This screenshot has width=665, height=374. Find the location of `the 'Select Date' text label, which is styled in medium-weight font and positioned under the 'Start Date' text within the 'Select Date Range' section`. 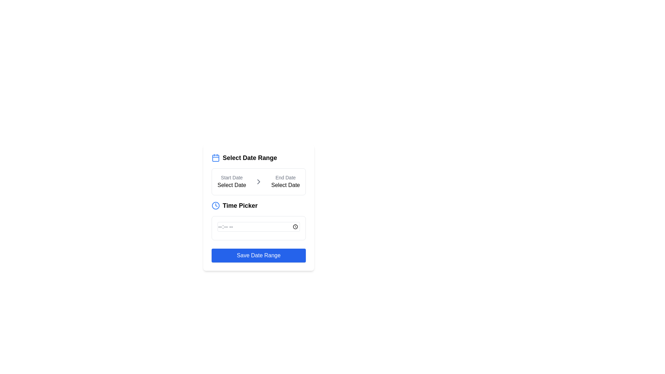

the 'Select Date' text label, which is styled in medium-weight font and positioned under the 'Start Date' text within the 'Select Date Range' section is located at coordinates (232, 185).